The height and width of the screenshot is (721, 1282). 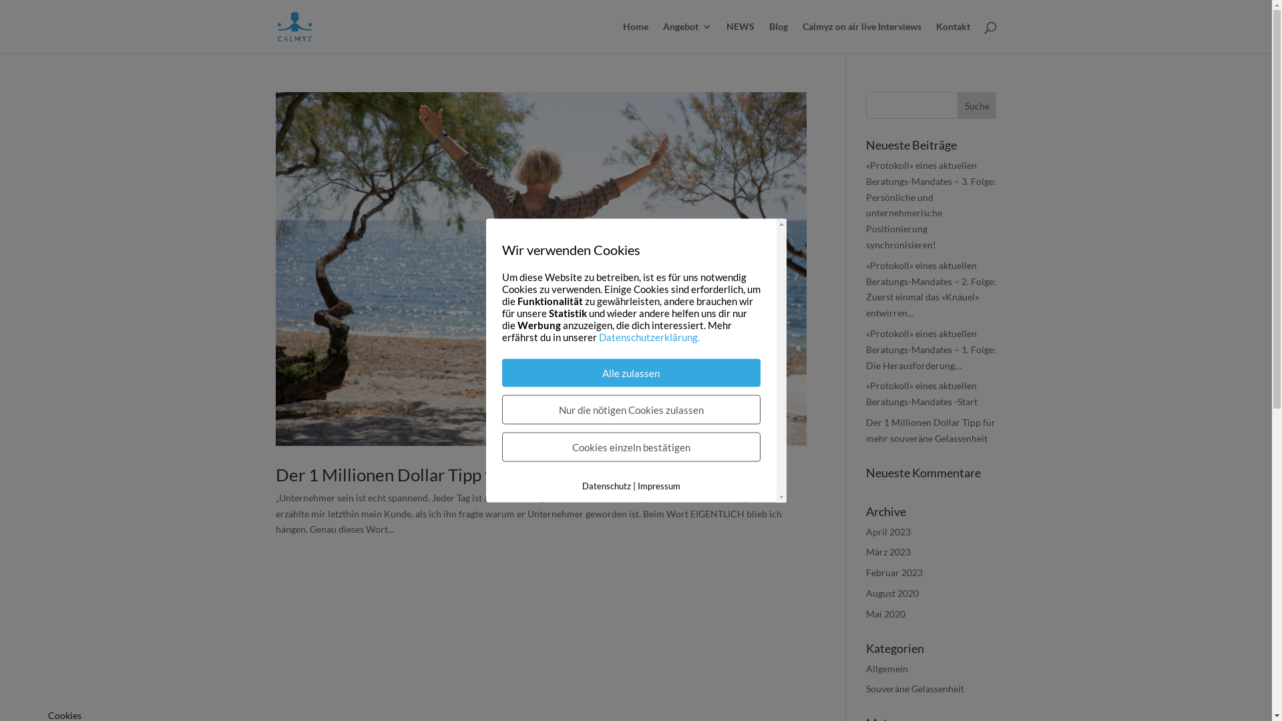 What do you see at coordinates (779, 37) in the screenshot?
I see `'Blog'` at bounding box center [779, 37].